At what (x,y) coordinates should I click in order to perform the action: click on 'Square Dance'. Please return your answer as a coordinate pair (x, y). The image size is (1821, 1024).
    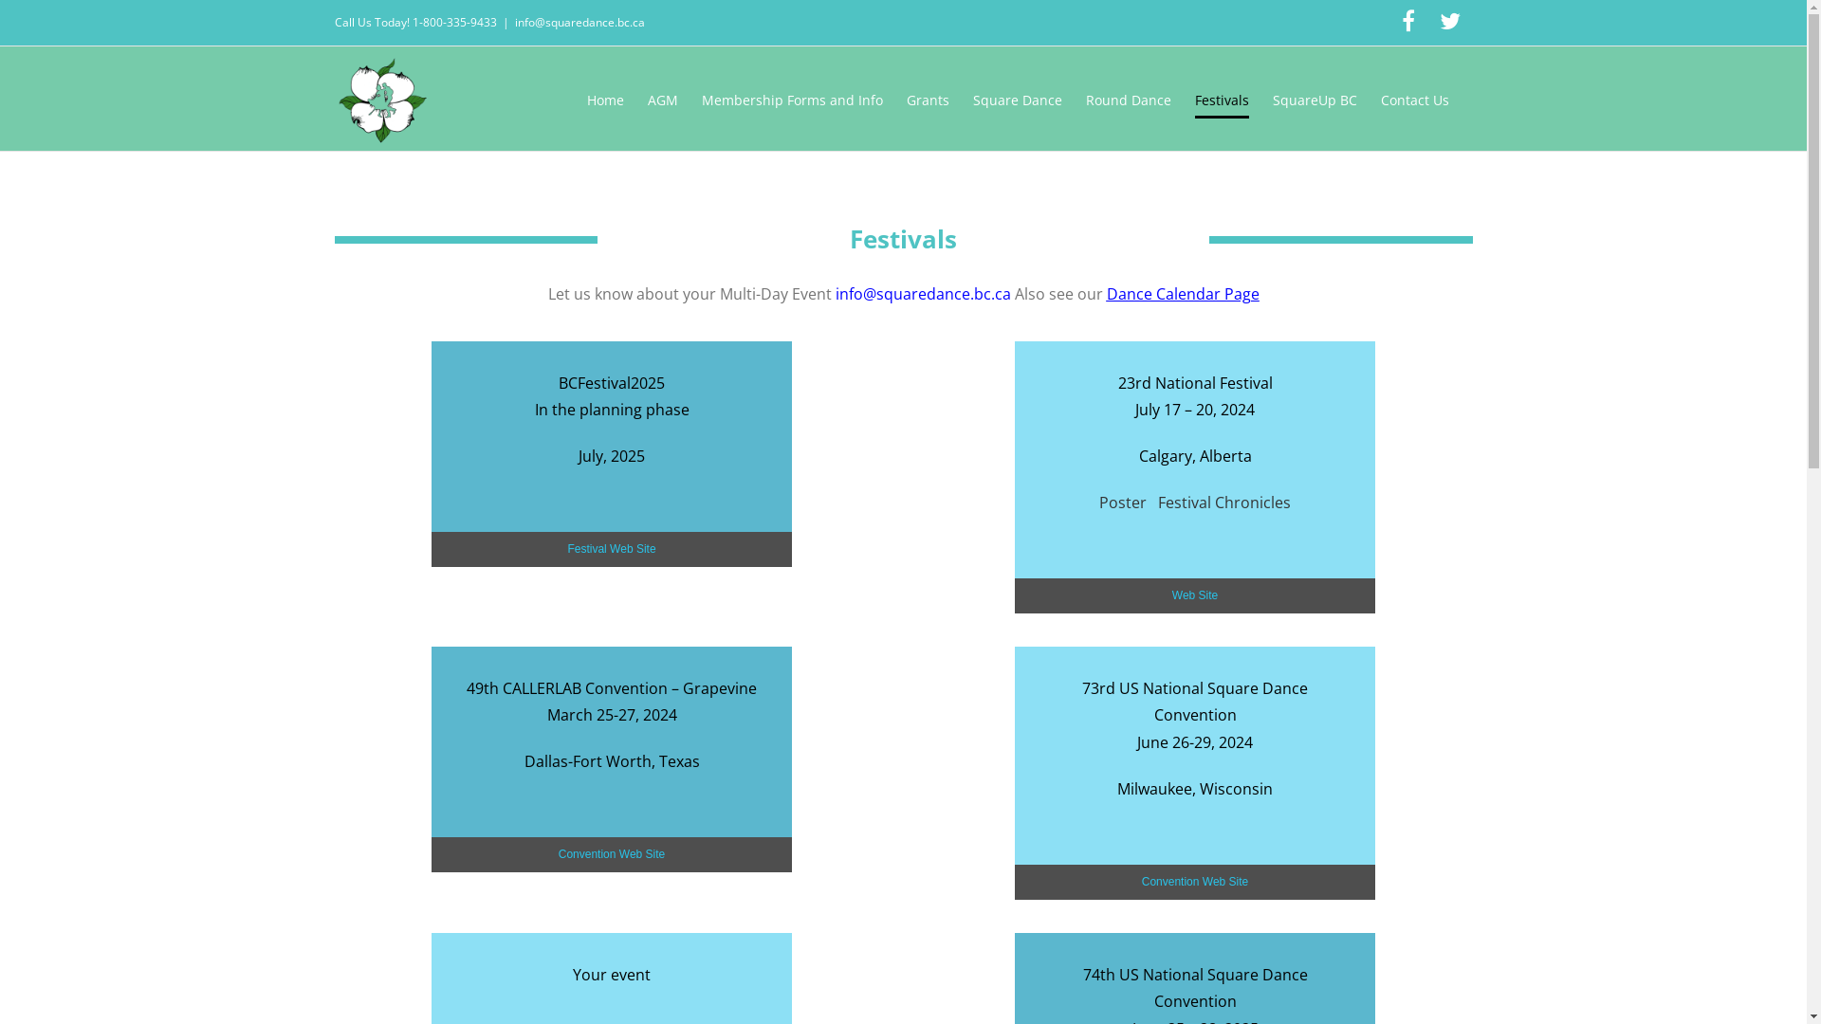
    Looking at the image, I should click on (1017, 100).